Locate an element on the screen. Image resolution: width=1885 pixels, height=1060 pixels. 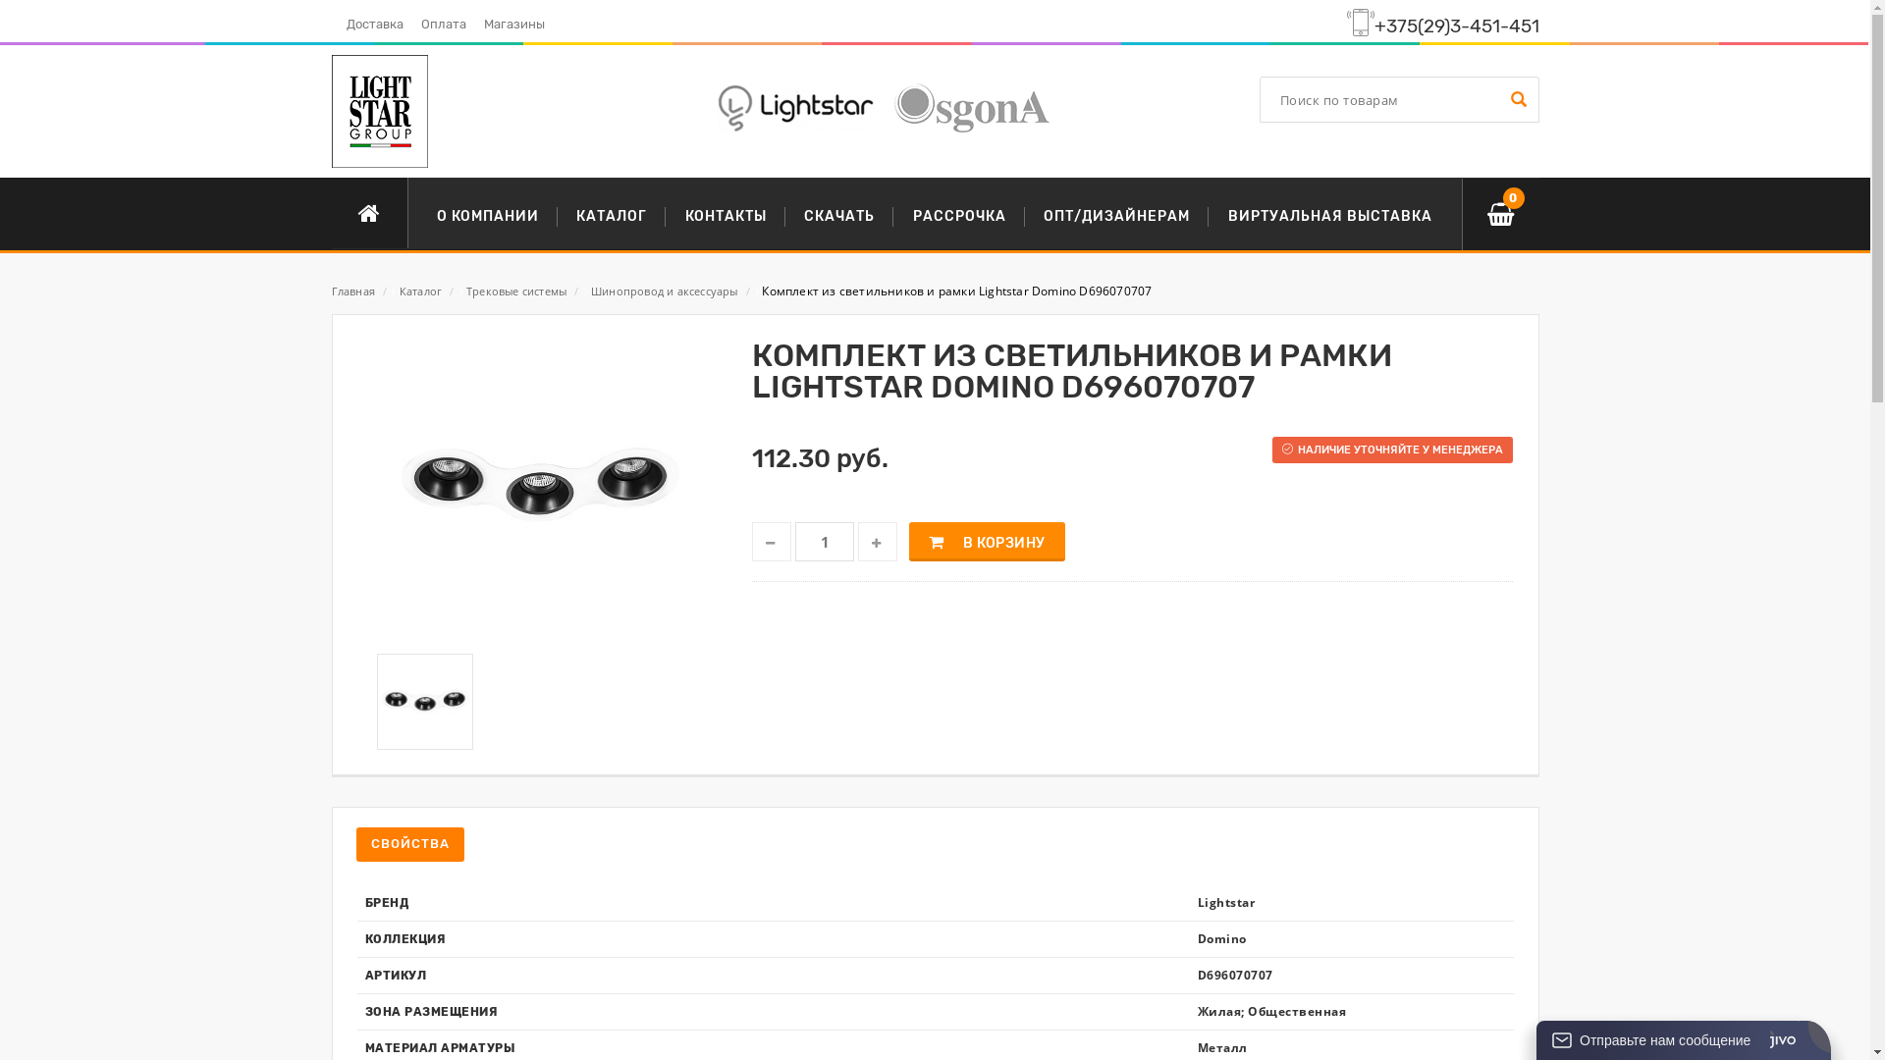
'0' is located at coordinates (1498, 214).